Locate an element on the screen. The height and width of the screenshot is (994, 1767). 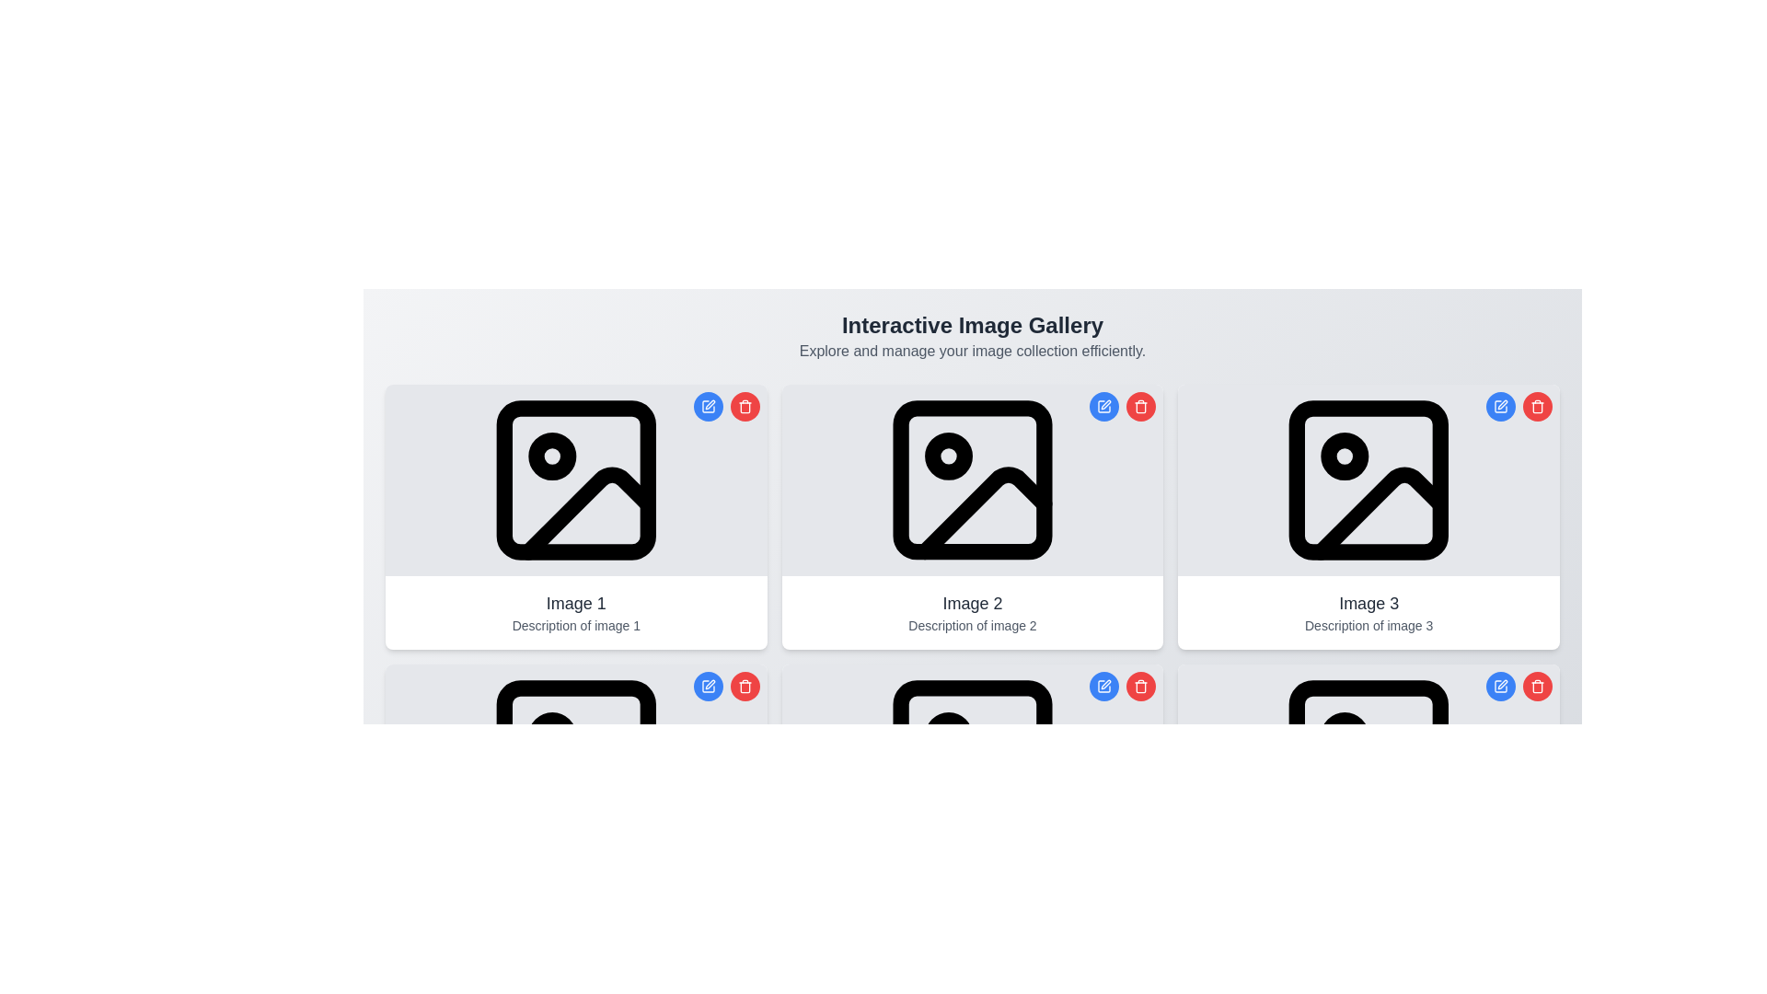
the pen icon inside the blue circular button is located at coordinates (1501, 686).